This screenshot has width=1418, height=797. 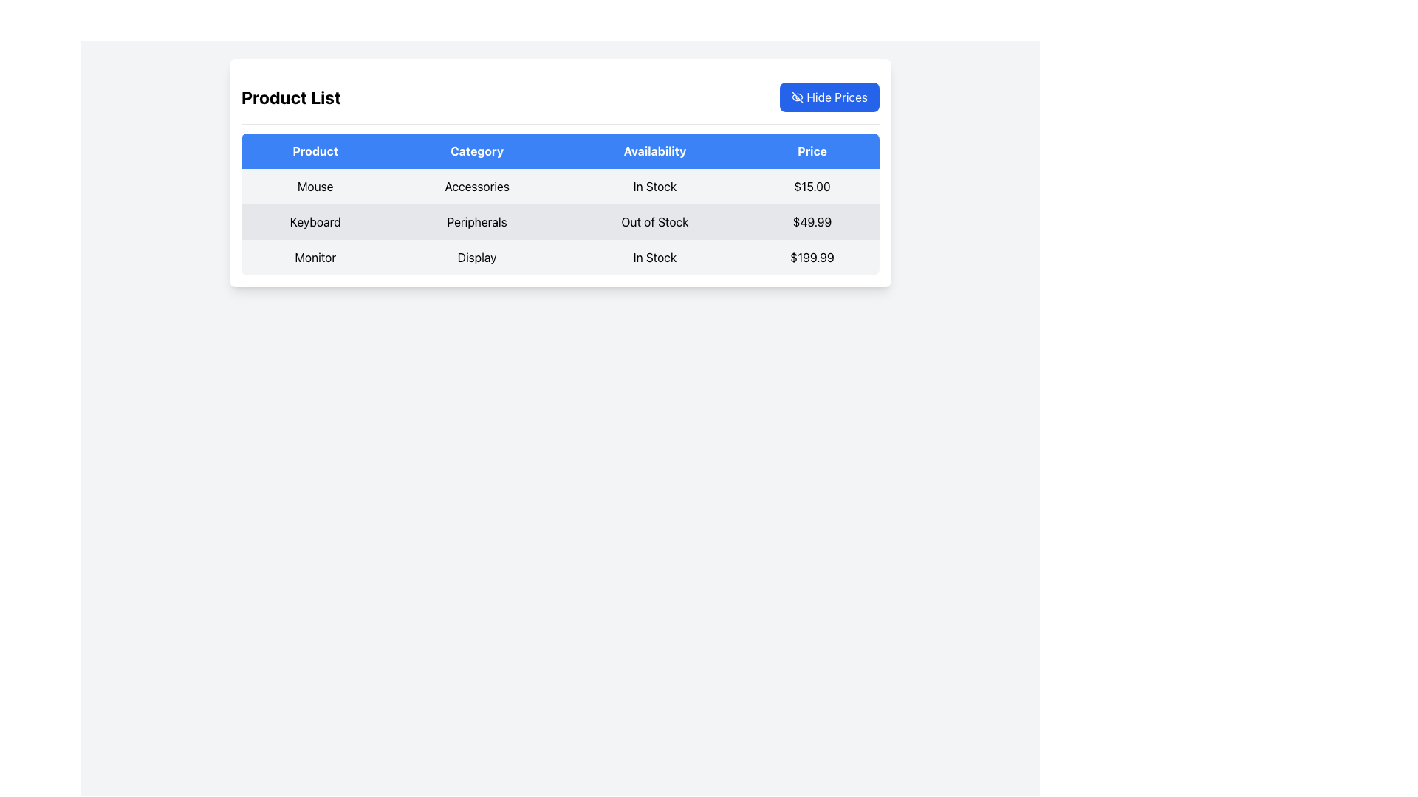 What do you see at coordinates (654, 221) in the screenshot?
I see `text label displaying 'Out of Stock' in black sans-serif font located in the 'Availability' column of the 'Keyboard' item entry within a table` at bounding box center [654, 221].